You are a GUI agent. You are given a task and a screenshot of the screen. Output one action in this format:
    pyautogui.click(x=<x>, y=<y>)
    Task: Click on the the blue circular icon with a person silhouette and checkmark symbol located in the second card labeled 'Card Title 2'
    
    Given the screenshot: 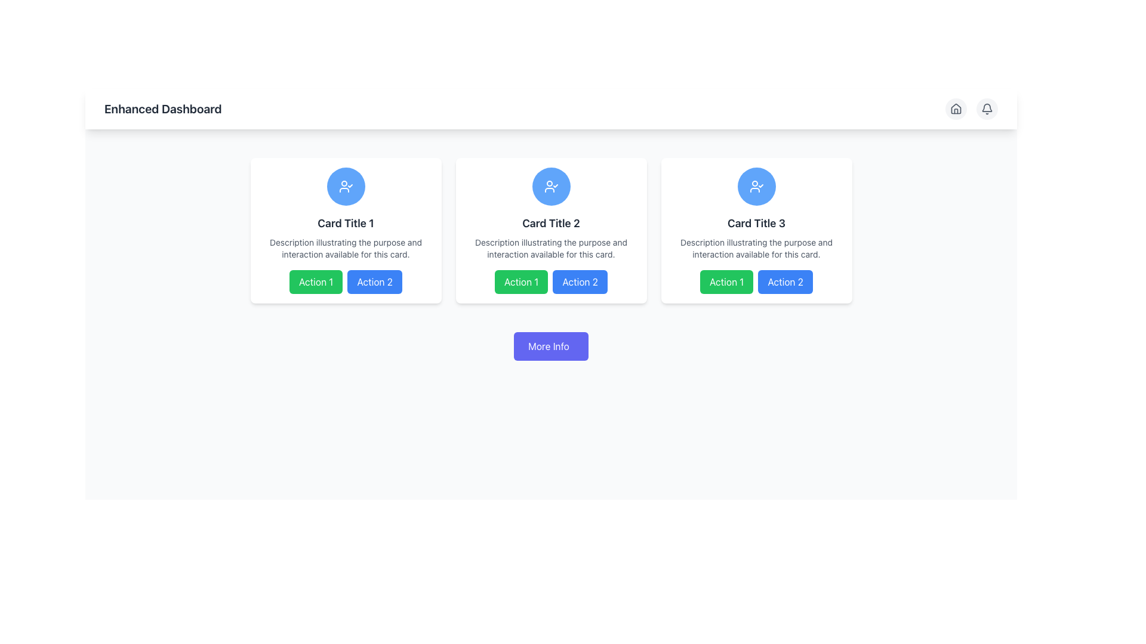 What is the action you would take?
    pyautogui.click(x=345, y=186)
    